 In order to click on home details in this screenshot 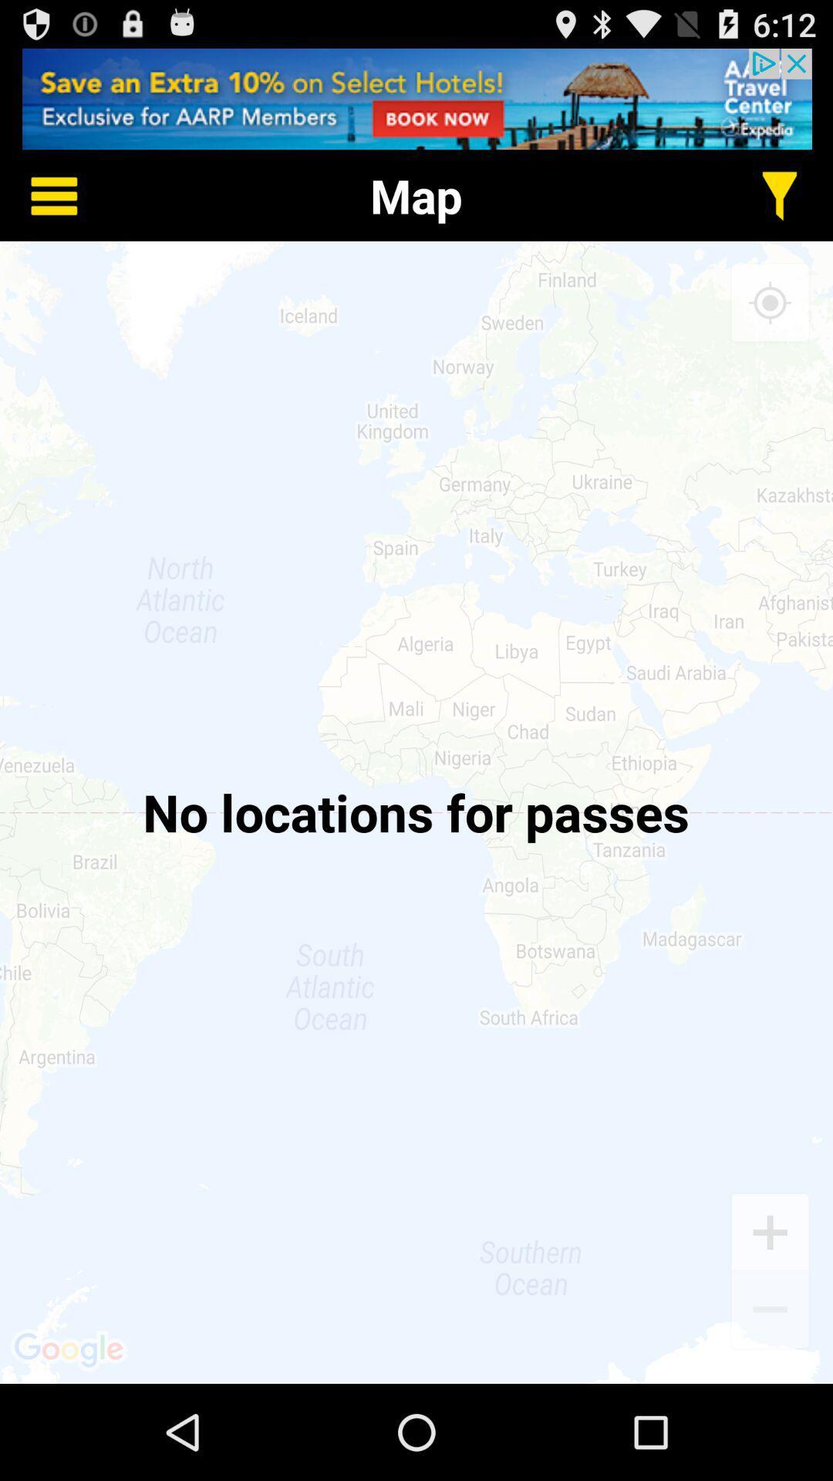, I will do `click(42, 194)`.